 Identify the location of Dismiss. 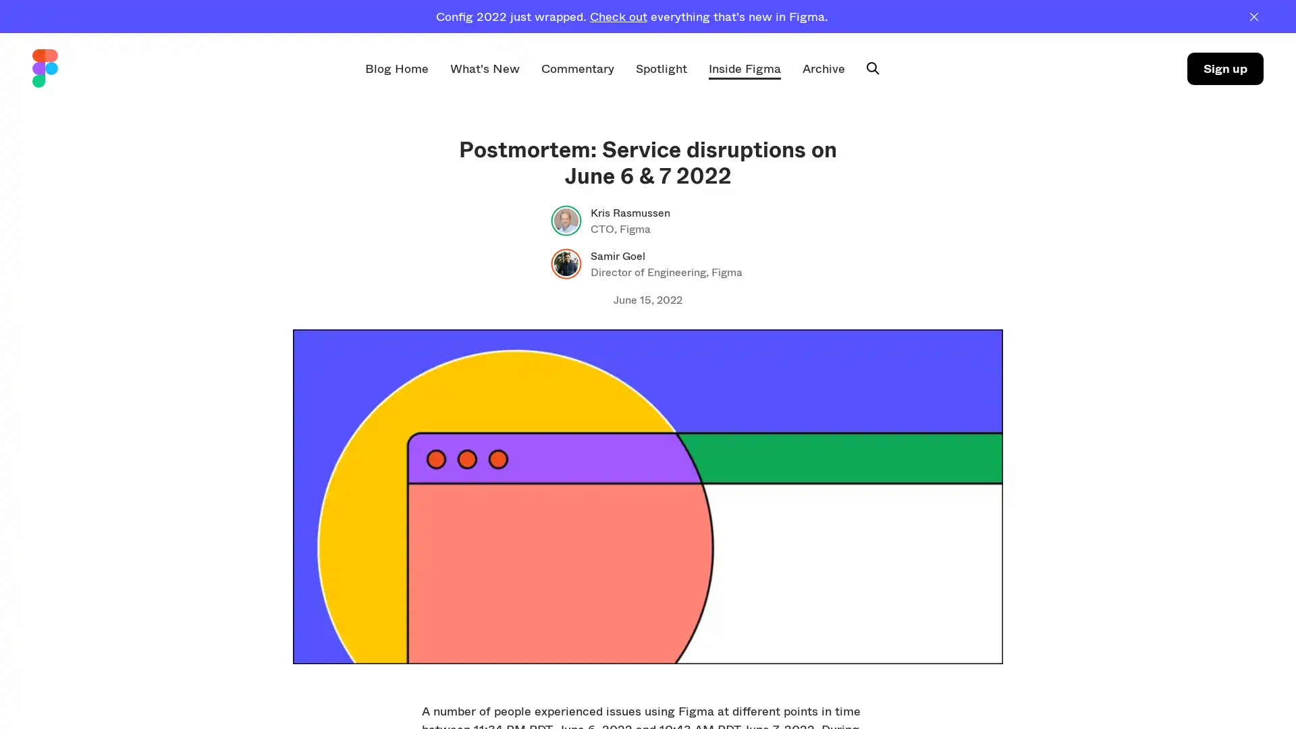
(1253, 16).